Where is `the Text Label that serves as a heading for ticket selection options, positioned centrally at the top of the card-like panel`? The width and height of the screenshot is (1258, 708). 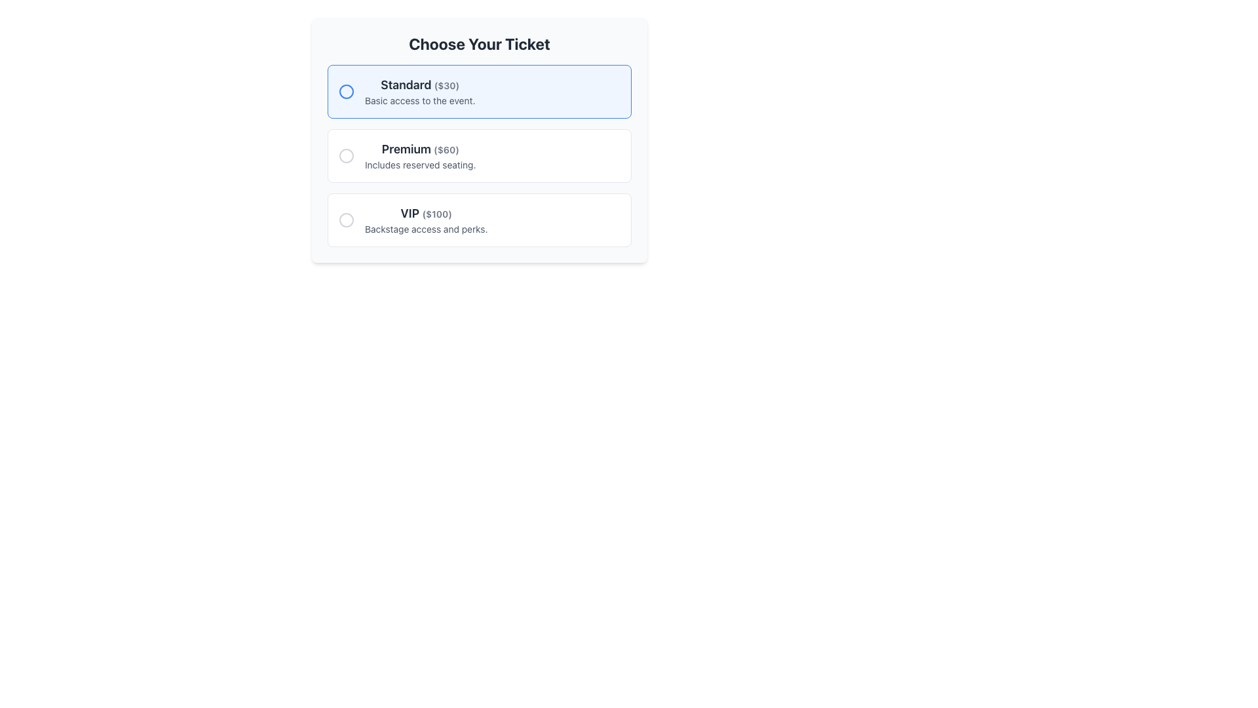
the Text Label that serves as a heading for ticket selection options, positioned centrally at the top of the card-like panel is located at coordinates (478, 43).